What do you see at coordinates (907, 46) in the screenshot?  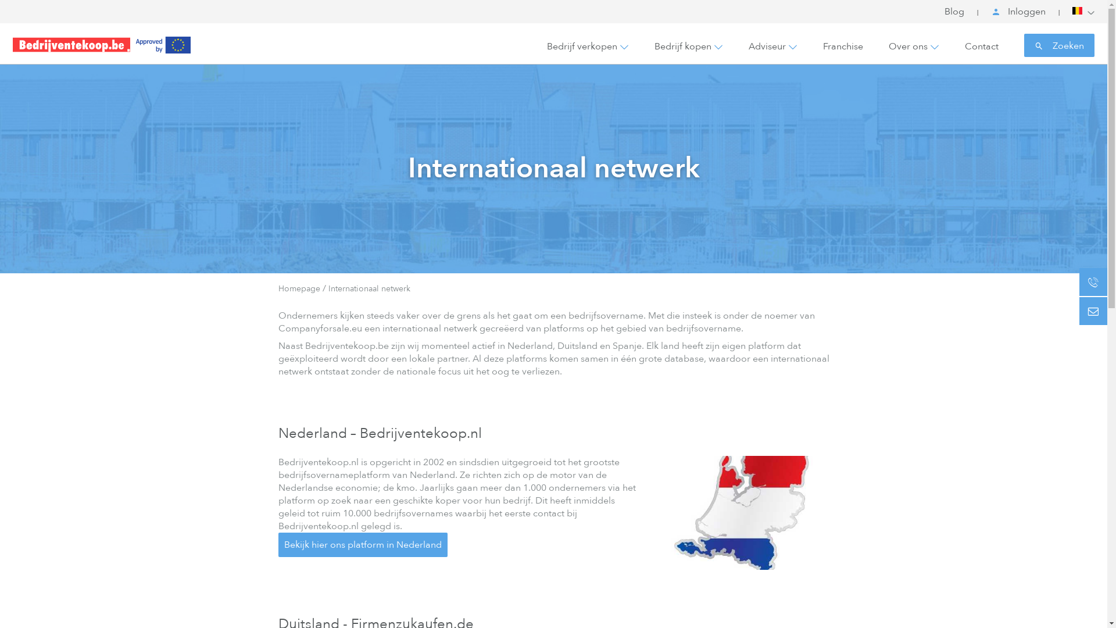 I see `'Over ons'` at bounding box center [907, 46].